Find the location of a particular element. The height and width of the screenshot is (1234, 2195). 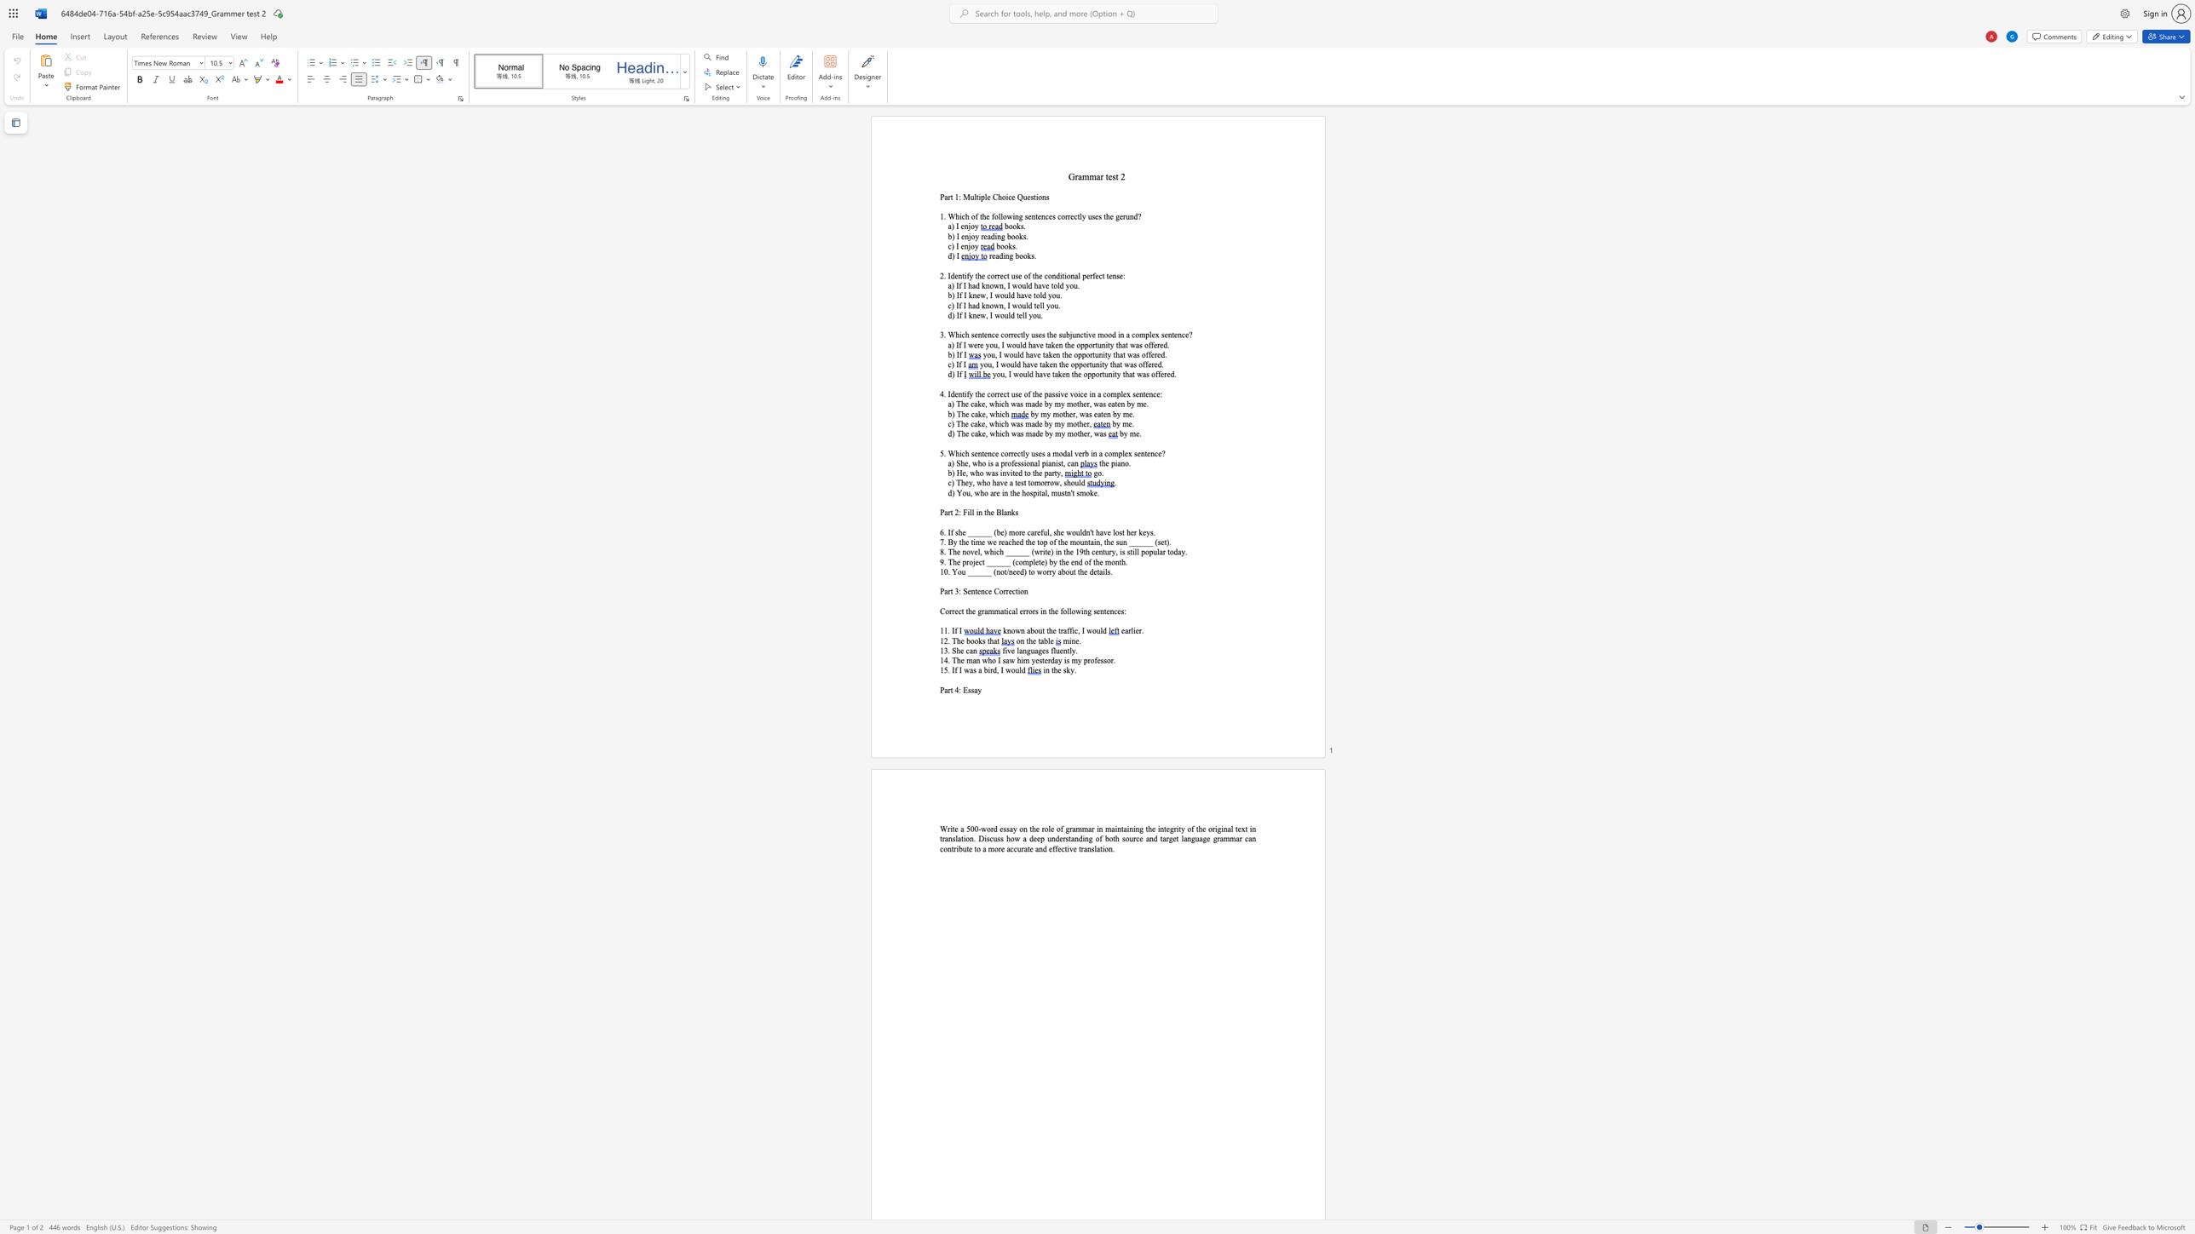

the space between the continuous character "t" and "a" in the text is located at coordinates (1040, 640).